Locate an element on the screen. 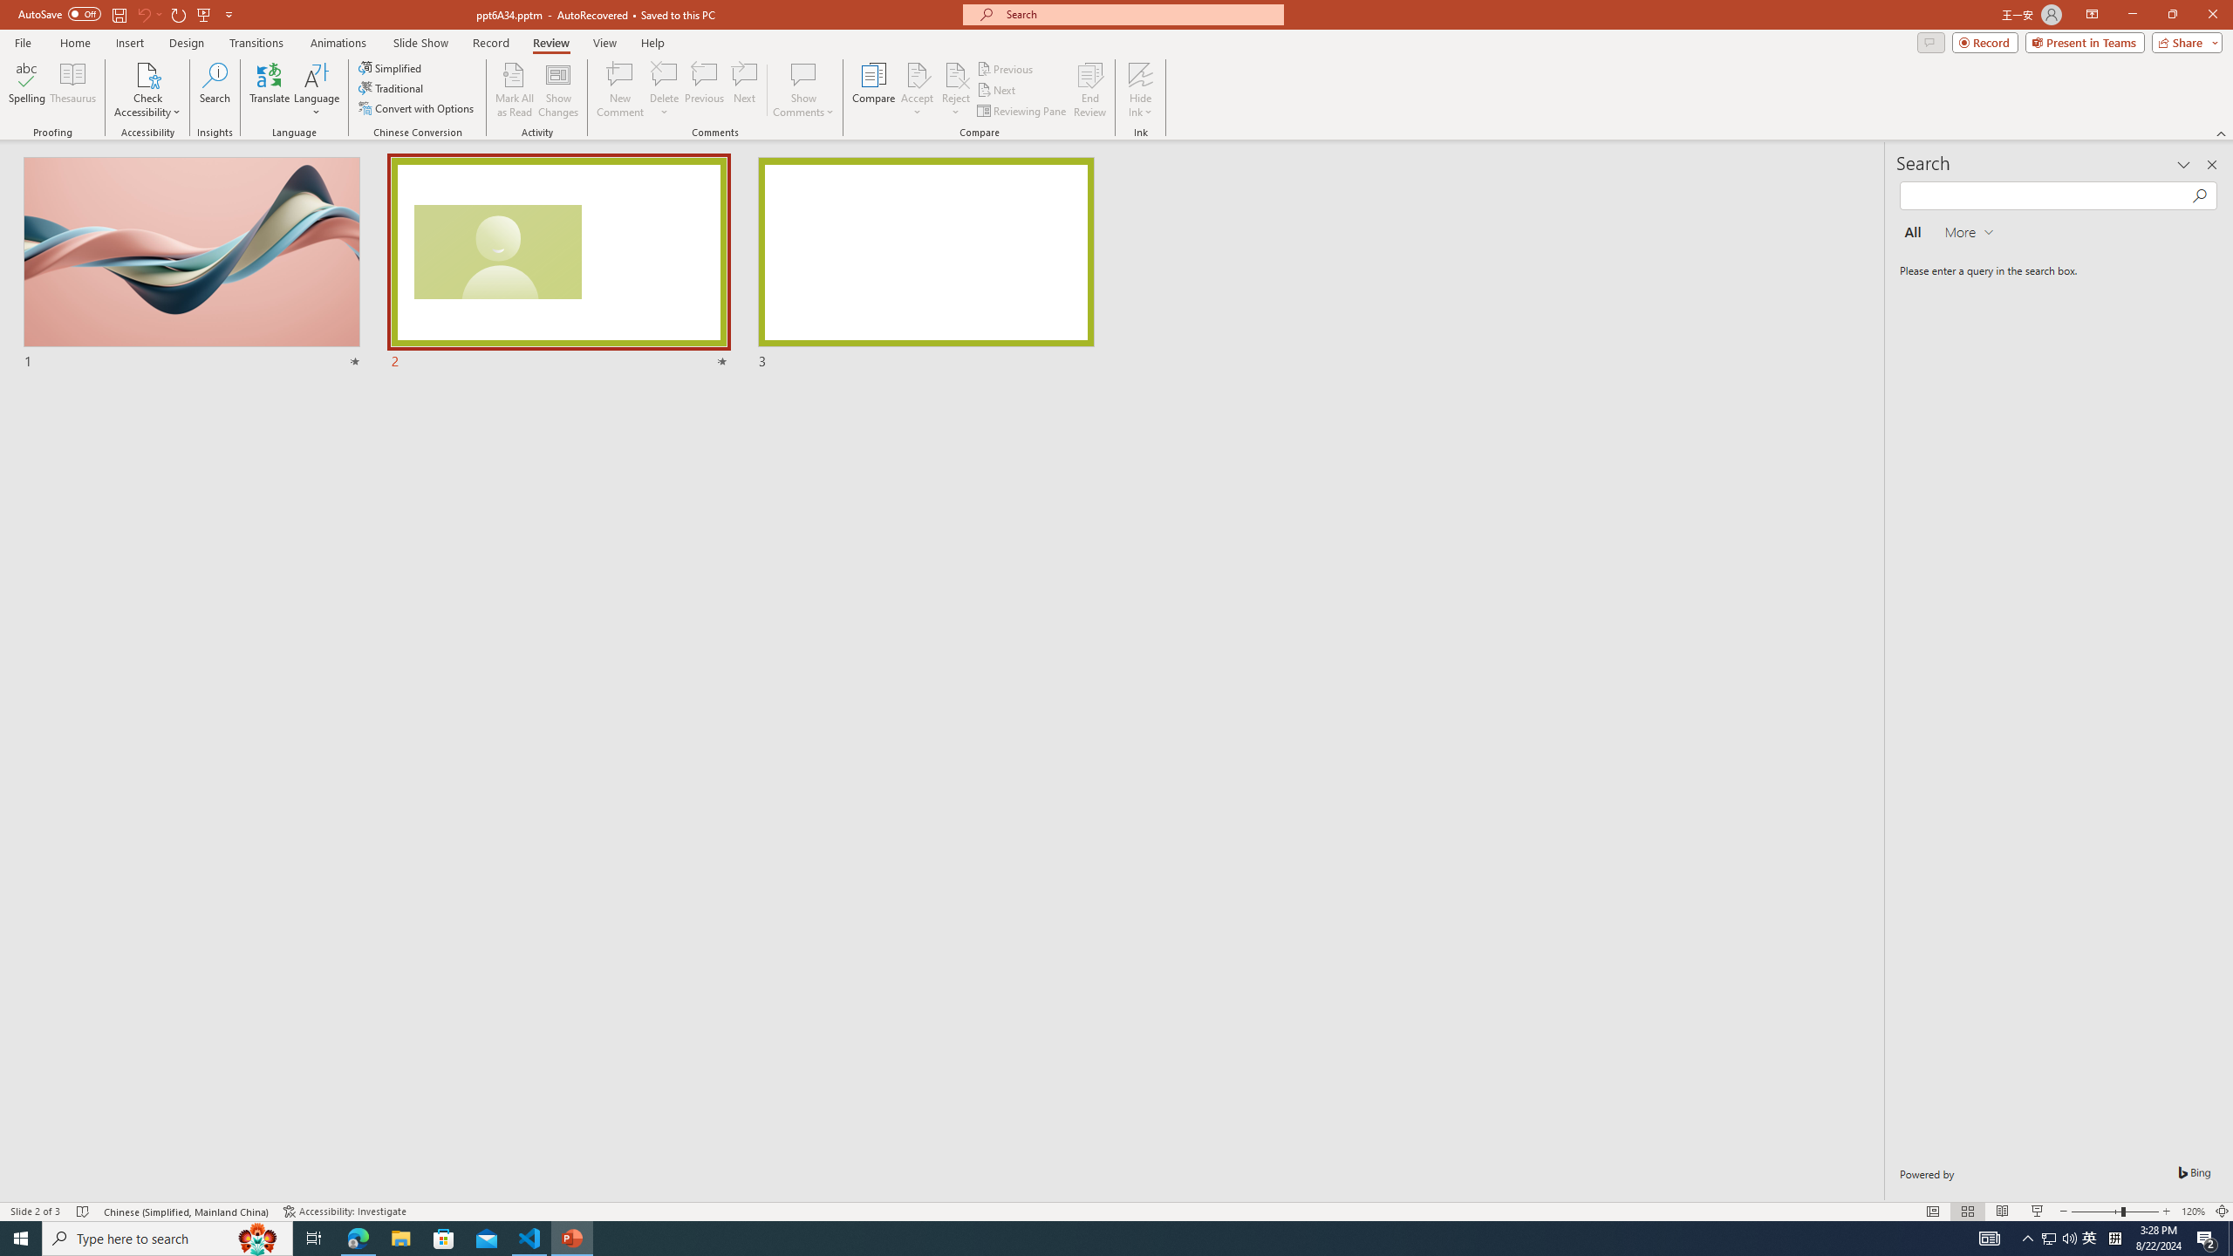 Image resolution: width=2233 pixels, height=1256 pixels. 'Reject' is located at coordinates (954, 90).